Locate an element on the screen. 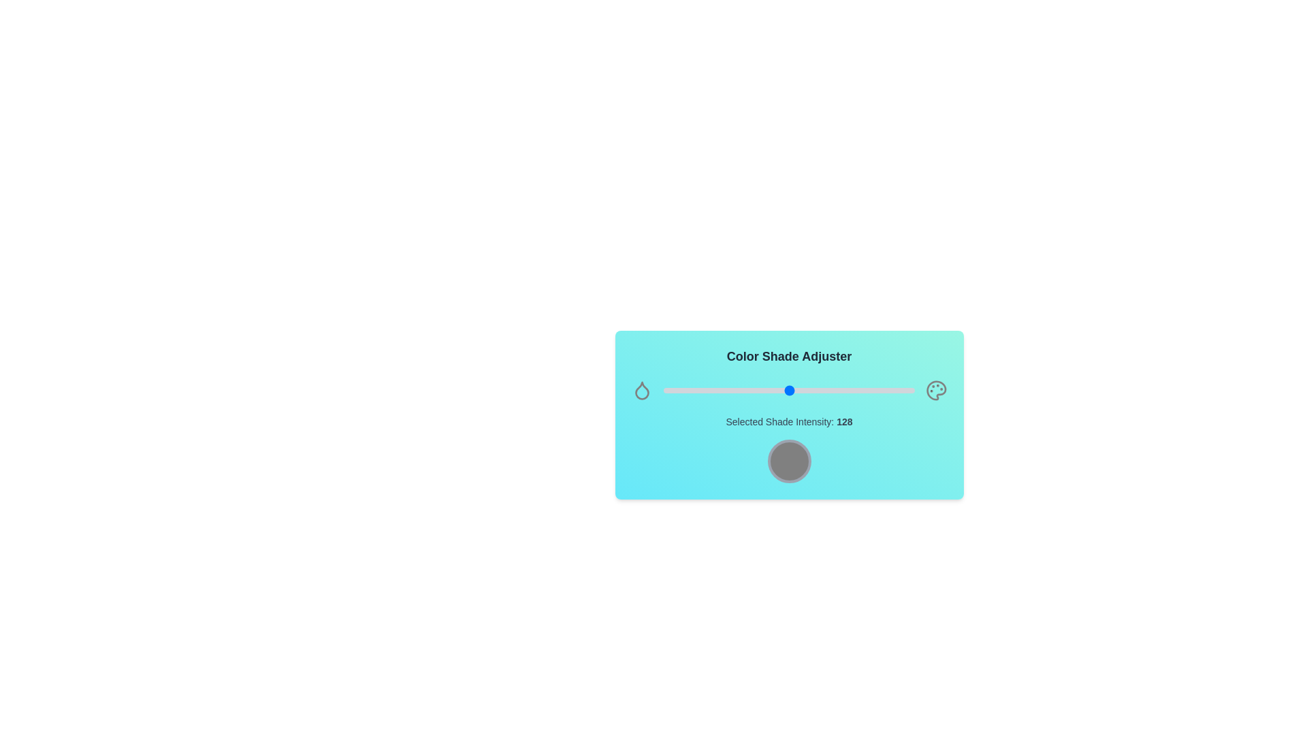  the shade intensity to 49 by interacting with the slider is located at coordinates (711, 391).